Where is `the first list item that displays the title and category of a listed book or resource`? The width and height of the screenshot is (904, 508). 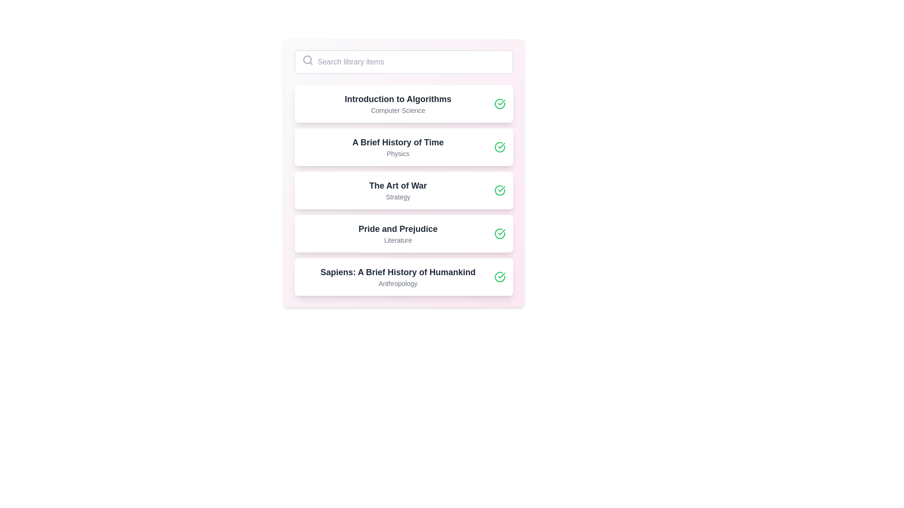 the first list item that displays the title and category of a listed book or resource is located at coordinates (404, 103).